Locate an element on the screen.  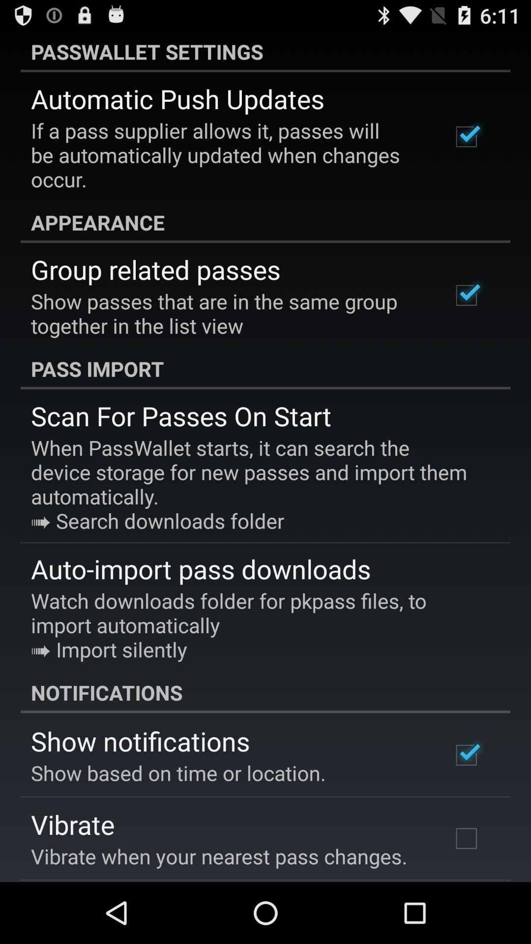
icon below the notifications is located at coordinates (140, 741).